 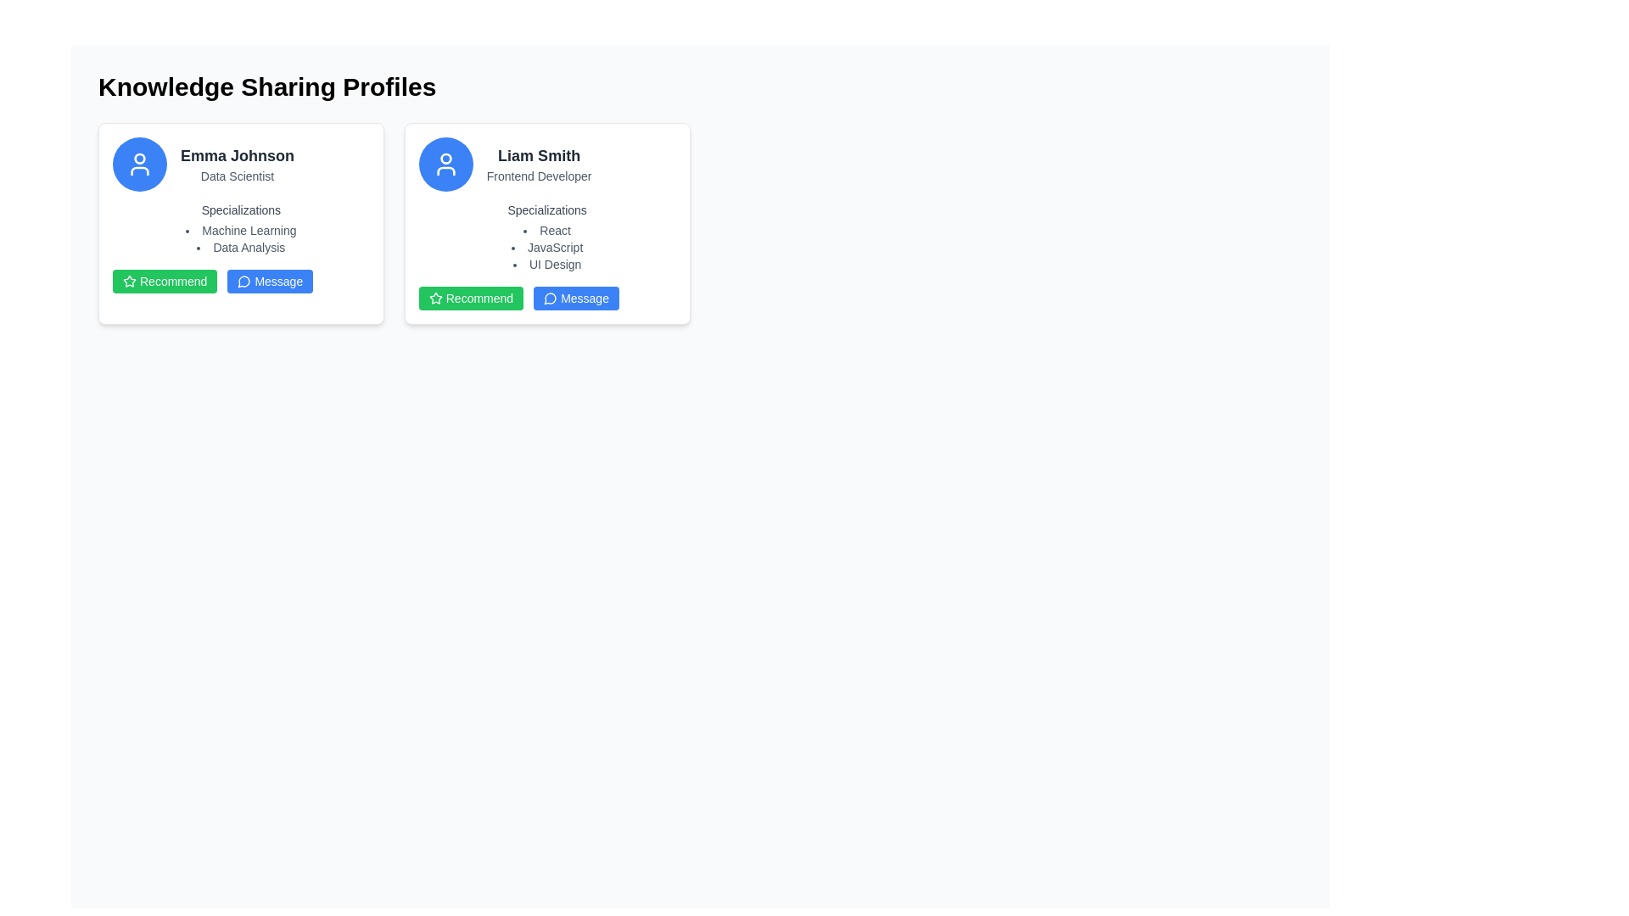 I want to click on the user profile icon with a blue circular background and white silhouette located in the upper section of Liam Smith's profile card under 'Knowledge Sharing Profiles', so click(x=445, y=164).